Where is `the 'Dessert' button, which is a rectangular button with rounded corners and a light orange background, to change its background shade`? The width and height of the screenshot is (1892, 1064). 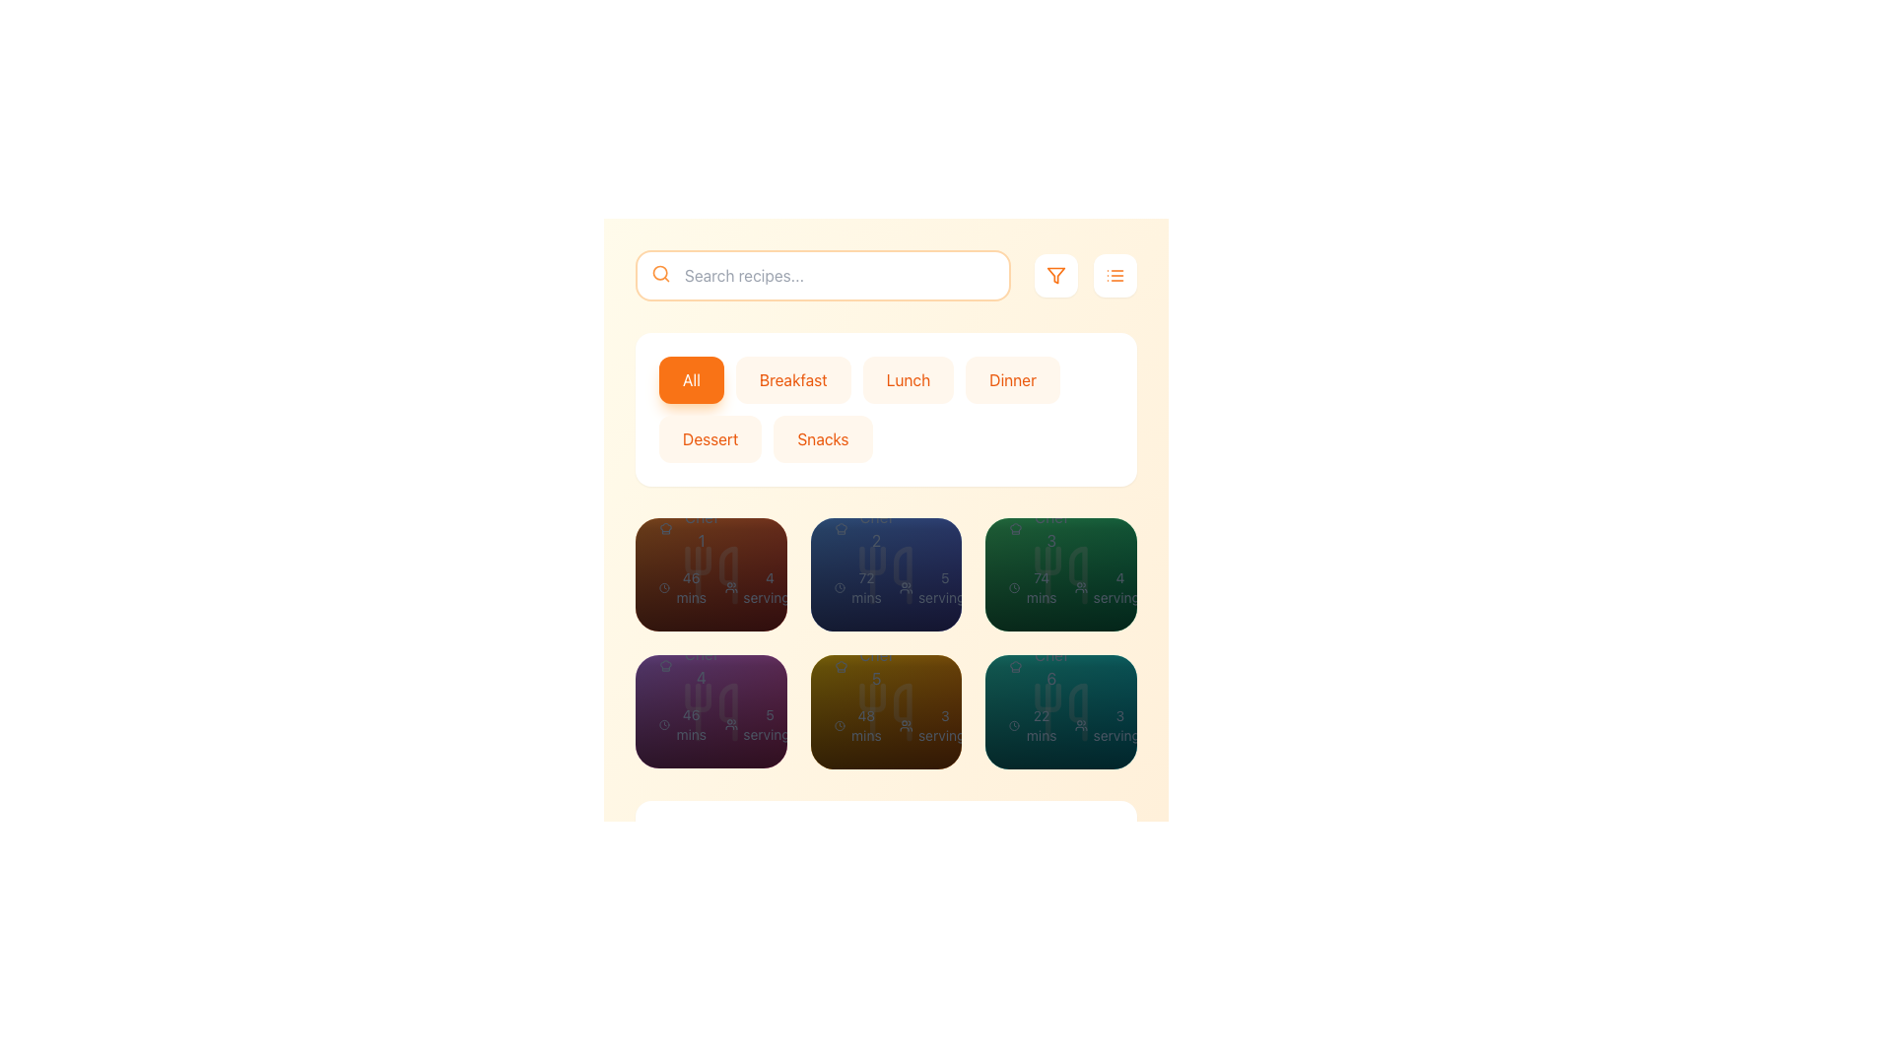
the 'Dessert' button, which is a rectangular button with rounded corners and a light orange background, to change its background shade is located at coordinates (709, 438).